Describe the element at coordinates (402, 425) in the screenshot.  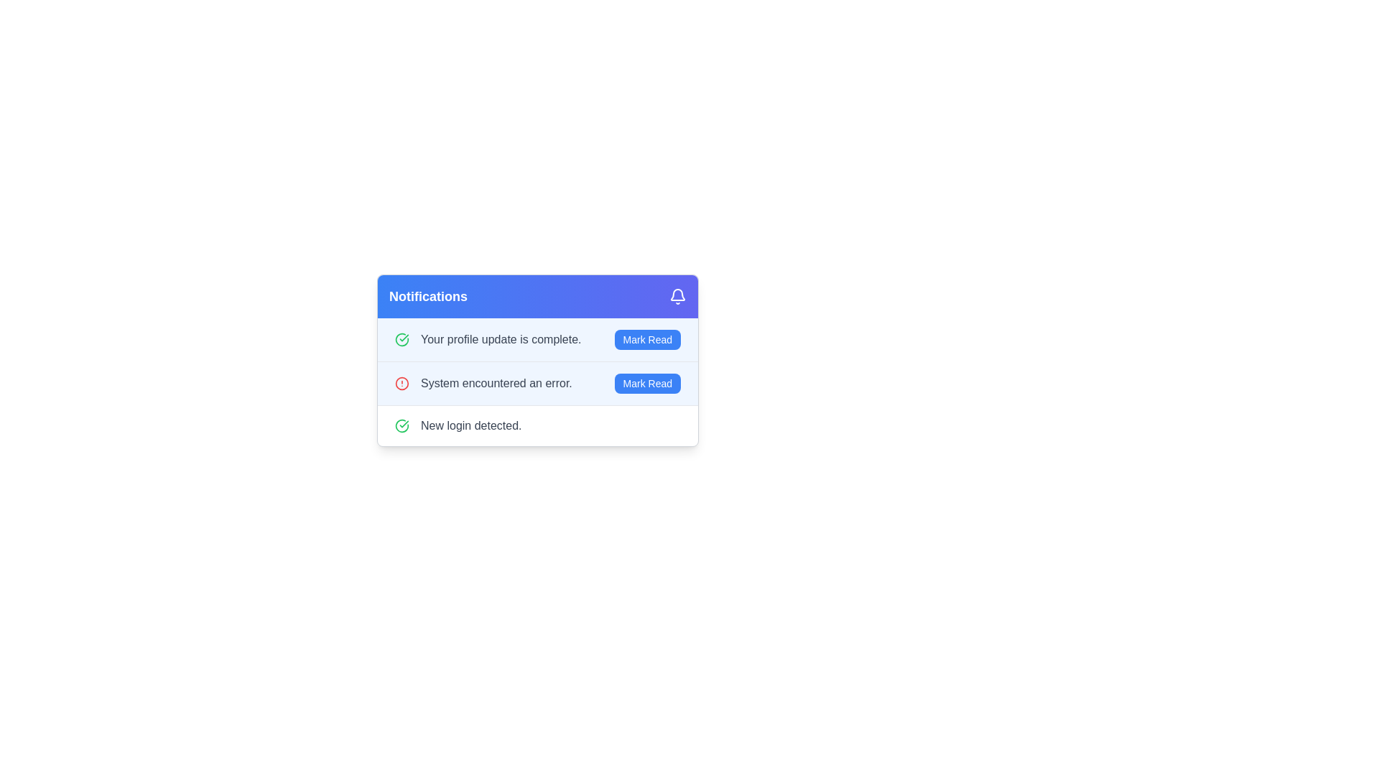
I see `the success icon indicating 'New login detected' notification` at that location.